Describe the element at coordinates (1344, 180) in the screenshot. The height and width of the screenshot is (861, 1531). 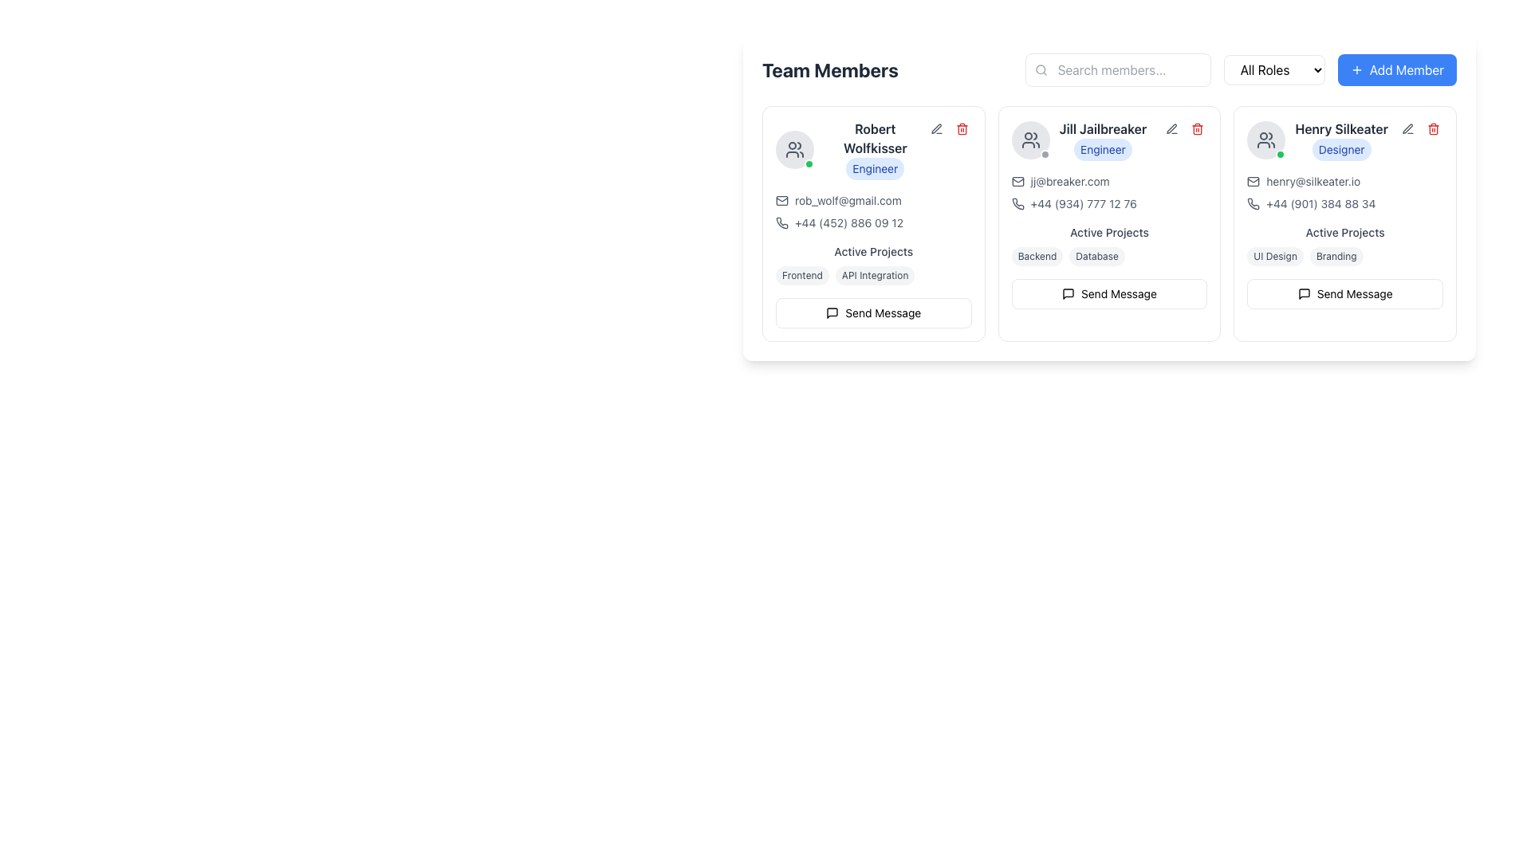
I see `the Interactive Text with Icon element displaying the email address 'henry@silkeater.io'` at that location.